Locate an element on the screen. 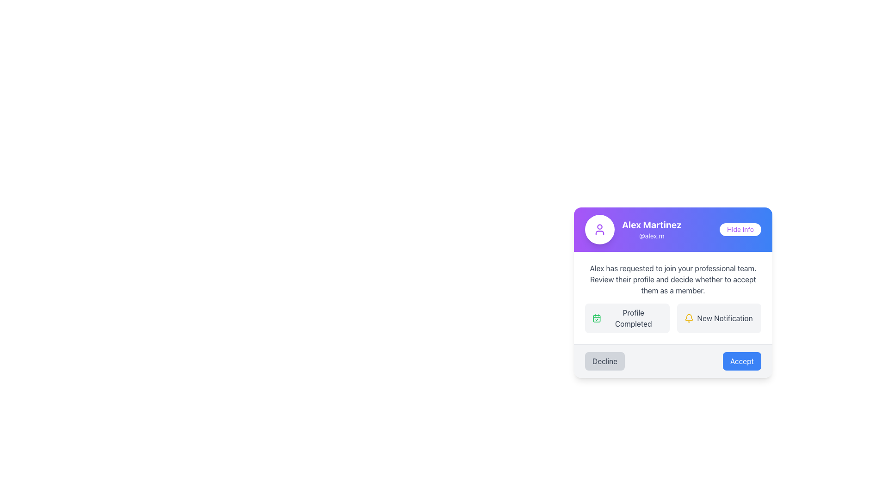 This screenshot has height=499, width=888. the confirm button located at the bottom-right corner of the dialog interface is located at coordinates (742, 361).